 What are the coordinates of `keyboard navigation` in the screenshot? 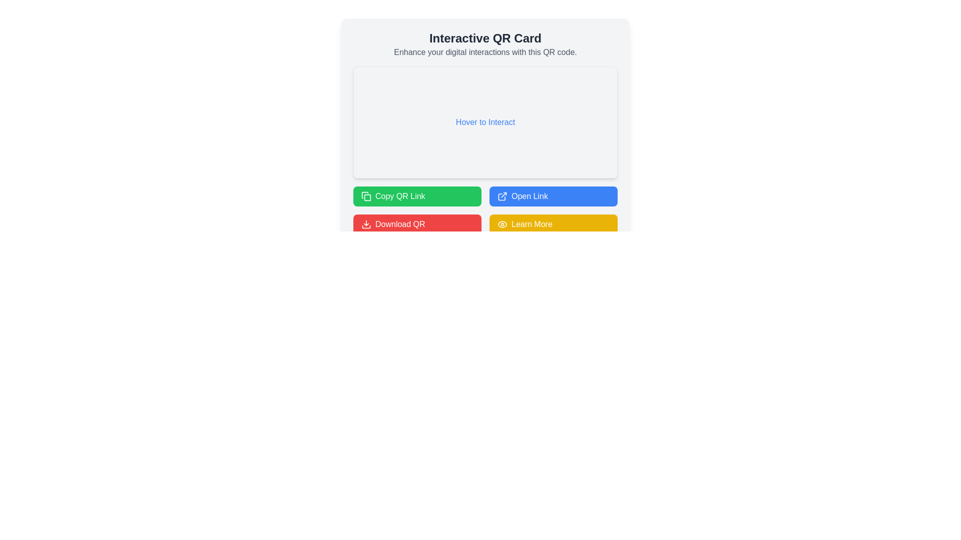 It's located at (553, 223).